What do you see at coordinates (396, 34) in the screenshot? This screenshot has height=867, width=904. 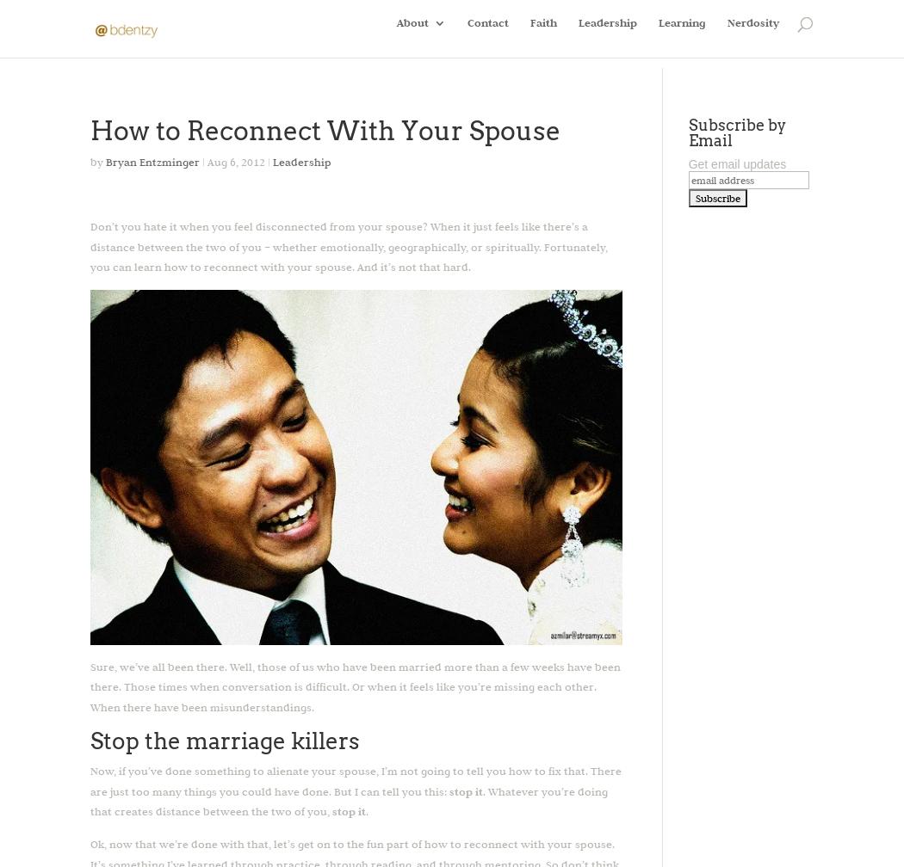 I see `'About'` at bounding box center [396, 34].